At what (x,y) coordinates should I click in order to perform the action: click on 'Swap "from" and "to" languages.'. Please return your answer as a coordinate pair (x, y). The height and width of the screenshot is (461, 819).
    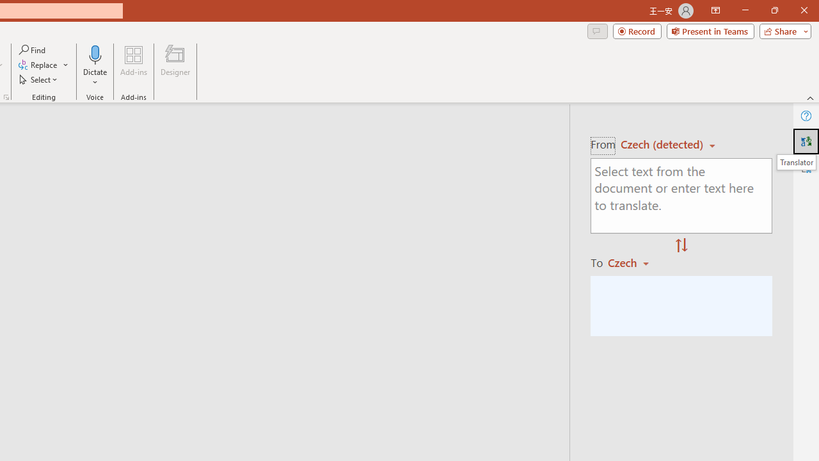
    Looking at the image, I should click on (681, 246).